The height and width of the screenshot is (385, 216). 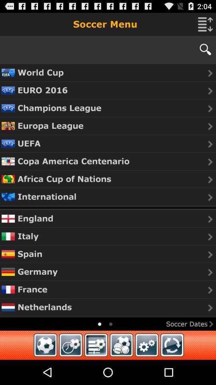 What do you see at coordinates (146, 369) in the screenshot?
I see `the settings icon` at bounding box center [146, 369].